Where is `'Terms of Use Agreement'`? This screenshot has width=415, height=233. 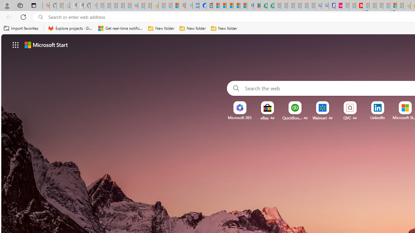
'Terms of Use Agreement' is located at coordinates (264, 6).